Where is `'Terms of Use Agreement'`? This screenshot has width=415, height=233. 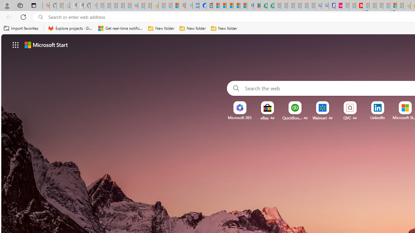
'Terms of Use Agreement' is located at coordinates (264, 6).